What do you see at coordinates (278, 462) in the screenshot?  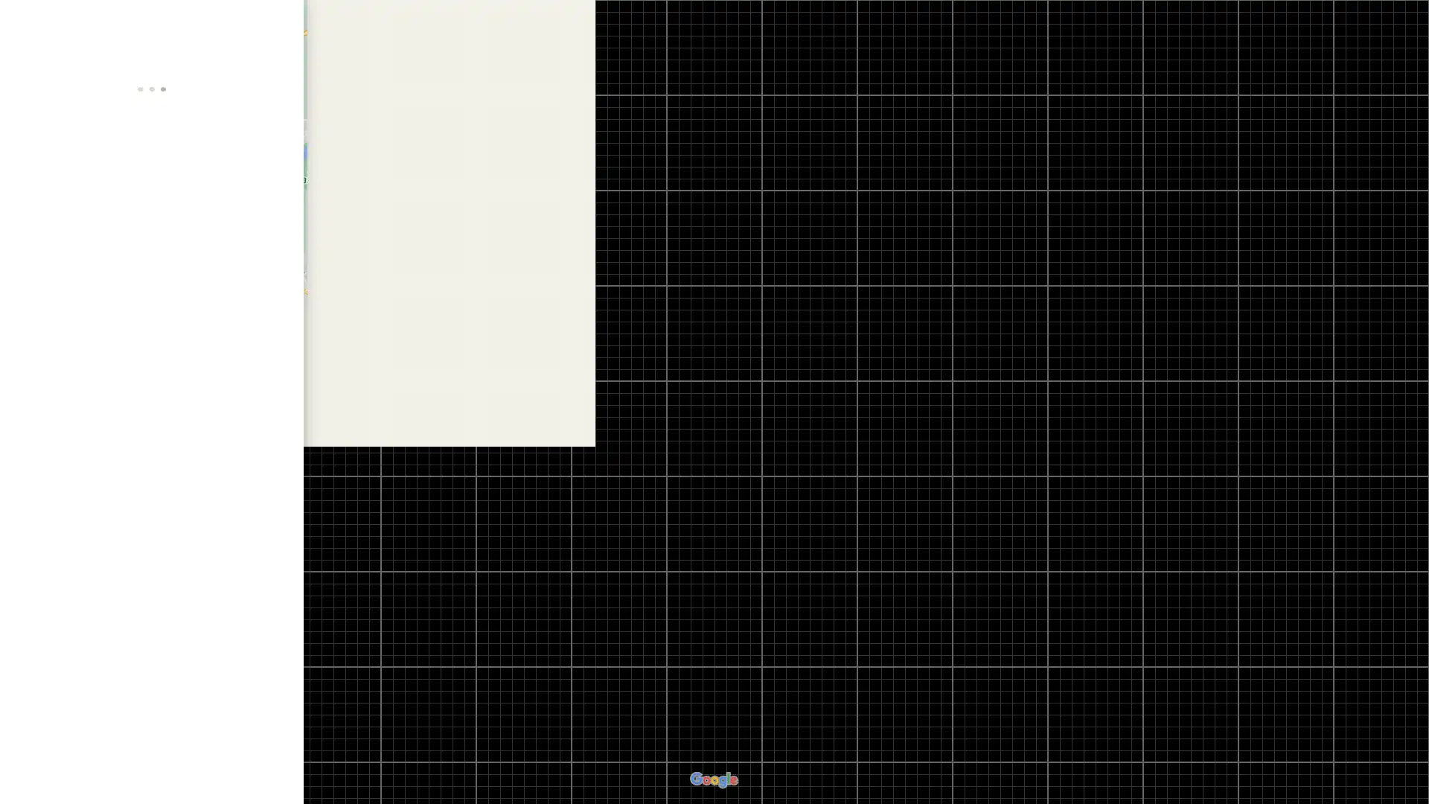 I see `Learn more about plus codes` at bounding box center [278, 462].